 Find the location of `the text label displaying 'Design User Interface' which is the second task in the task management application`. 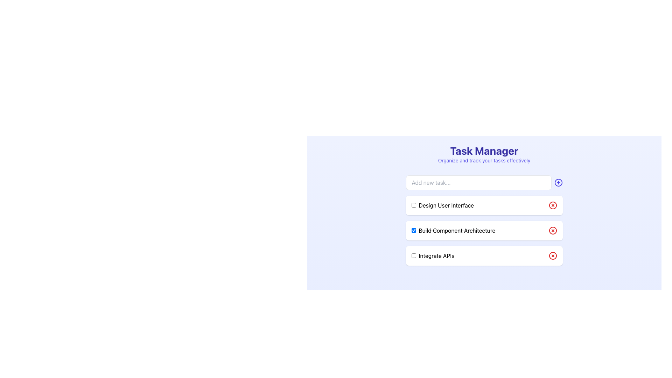

the text label displaying 'Design User Interface' which is the second task in the task management application is located at coordinates (442, 205).